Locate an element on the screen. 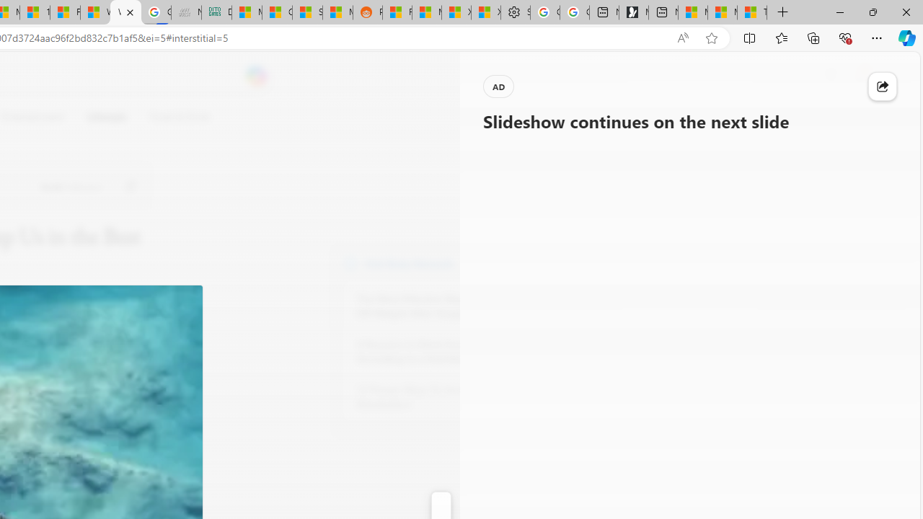 This screenshot has width=923, height=519. 'Fitness - MSN' is located at coordinates (64, 12).